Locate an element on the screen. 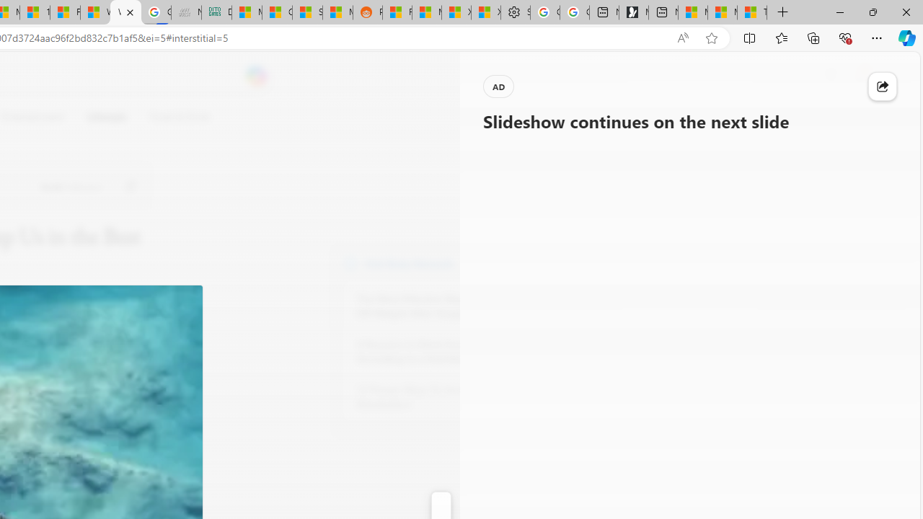 This screenshot has width=923, height=519. 'Fitness - MSN' is located at coordinates (64, 12).